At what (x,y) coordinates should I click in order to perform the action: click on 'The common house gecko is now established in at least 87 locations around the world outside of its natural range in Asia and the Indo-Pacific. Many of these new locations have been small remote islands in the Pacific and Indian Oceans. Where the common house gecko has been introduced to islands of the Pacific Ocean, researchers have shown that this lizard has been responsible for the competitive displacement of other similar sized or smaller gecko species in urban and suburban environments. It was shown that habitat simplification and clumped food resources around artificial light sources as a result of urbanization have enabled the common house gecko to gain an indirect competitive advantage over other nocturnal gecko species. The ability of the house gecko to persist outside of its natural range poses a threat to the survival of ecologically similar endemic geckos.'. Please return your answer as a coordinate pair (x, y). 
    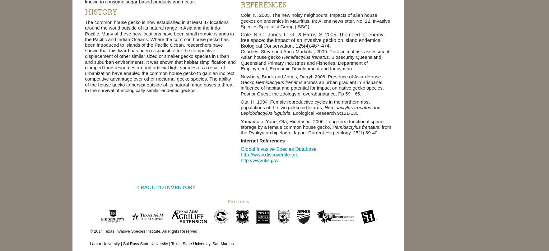
    Looking at the image, I should click on (160, 56).